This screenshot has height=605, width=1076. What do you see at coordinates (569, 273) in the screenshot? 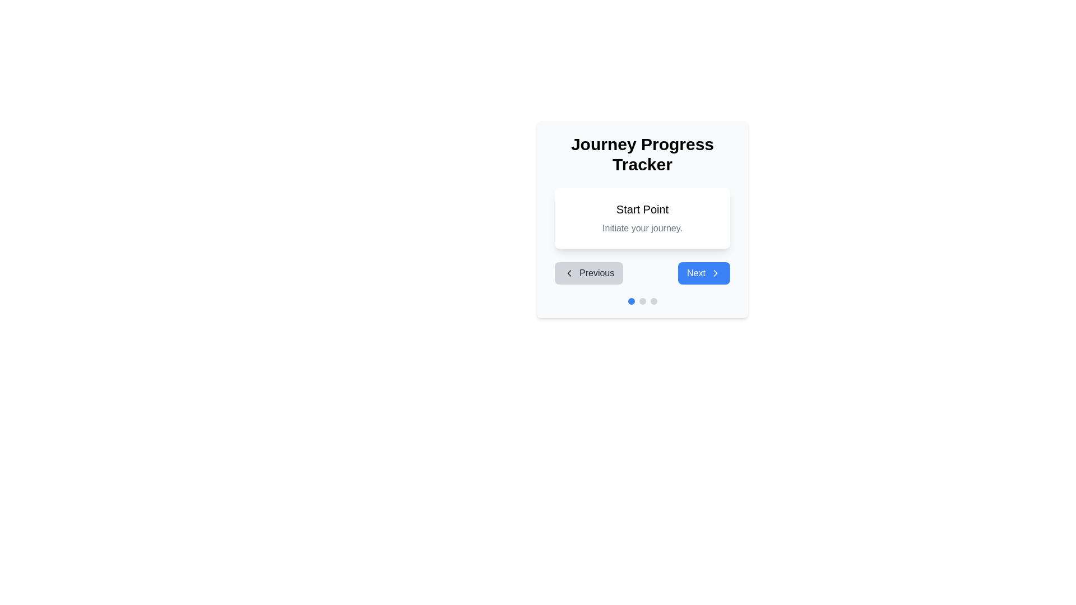
I see `the backward navigation button icon labeled 'Previous' for accessibility purposes` at bounding box center [569, 273].